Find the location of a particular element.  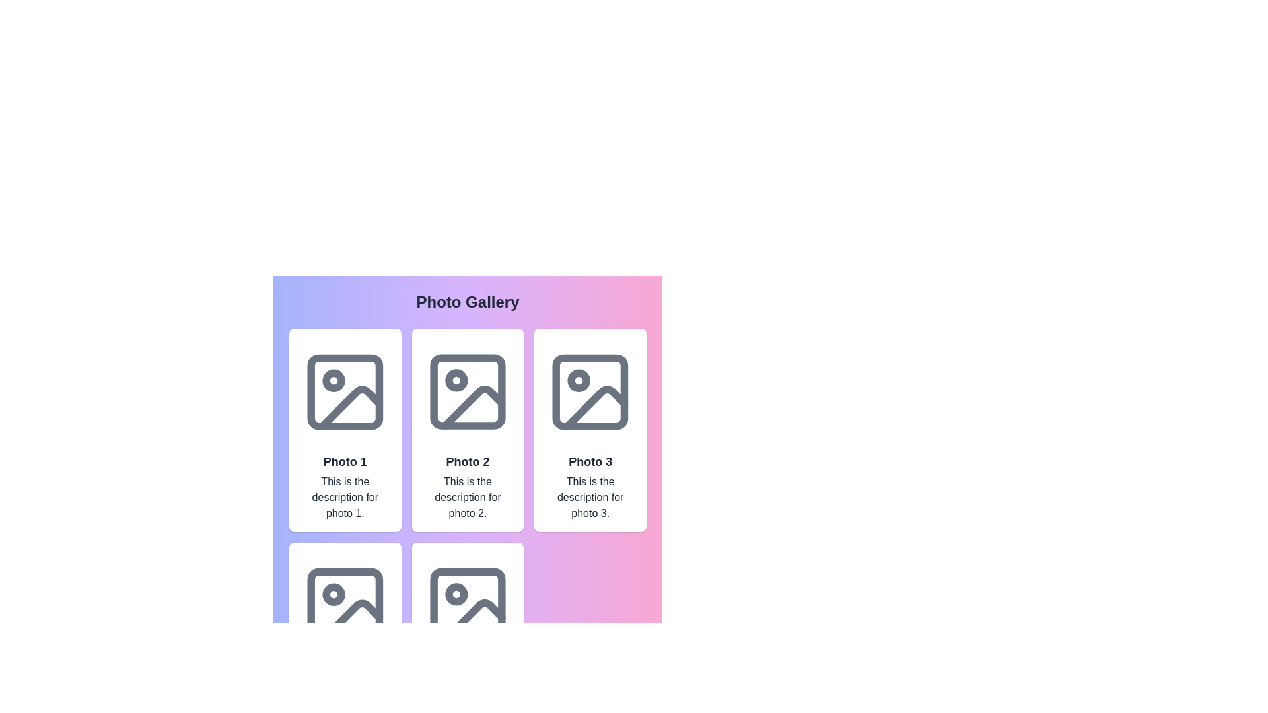

the icon resembling a stylized picture frame with a circular and triangular shape inside, located within the visual card titled 'Photo 5' in the second row, first column of the photo gallery layout is located at coordinates (468, 606).